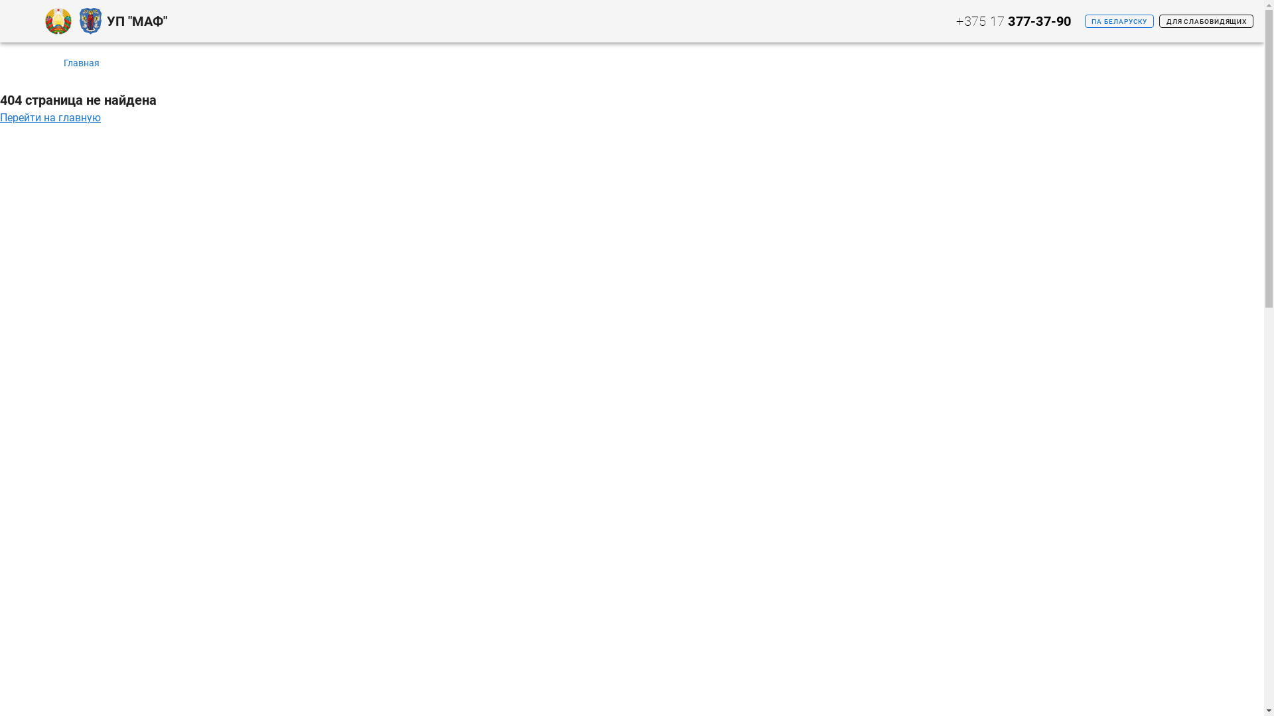 The height and width of the screenshot is (716, 1274). I want to click on '+375 17 377-37-90', so click(1011, 21).